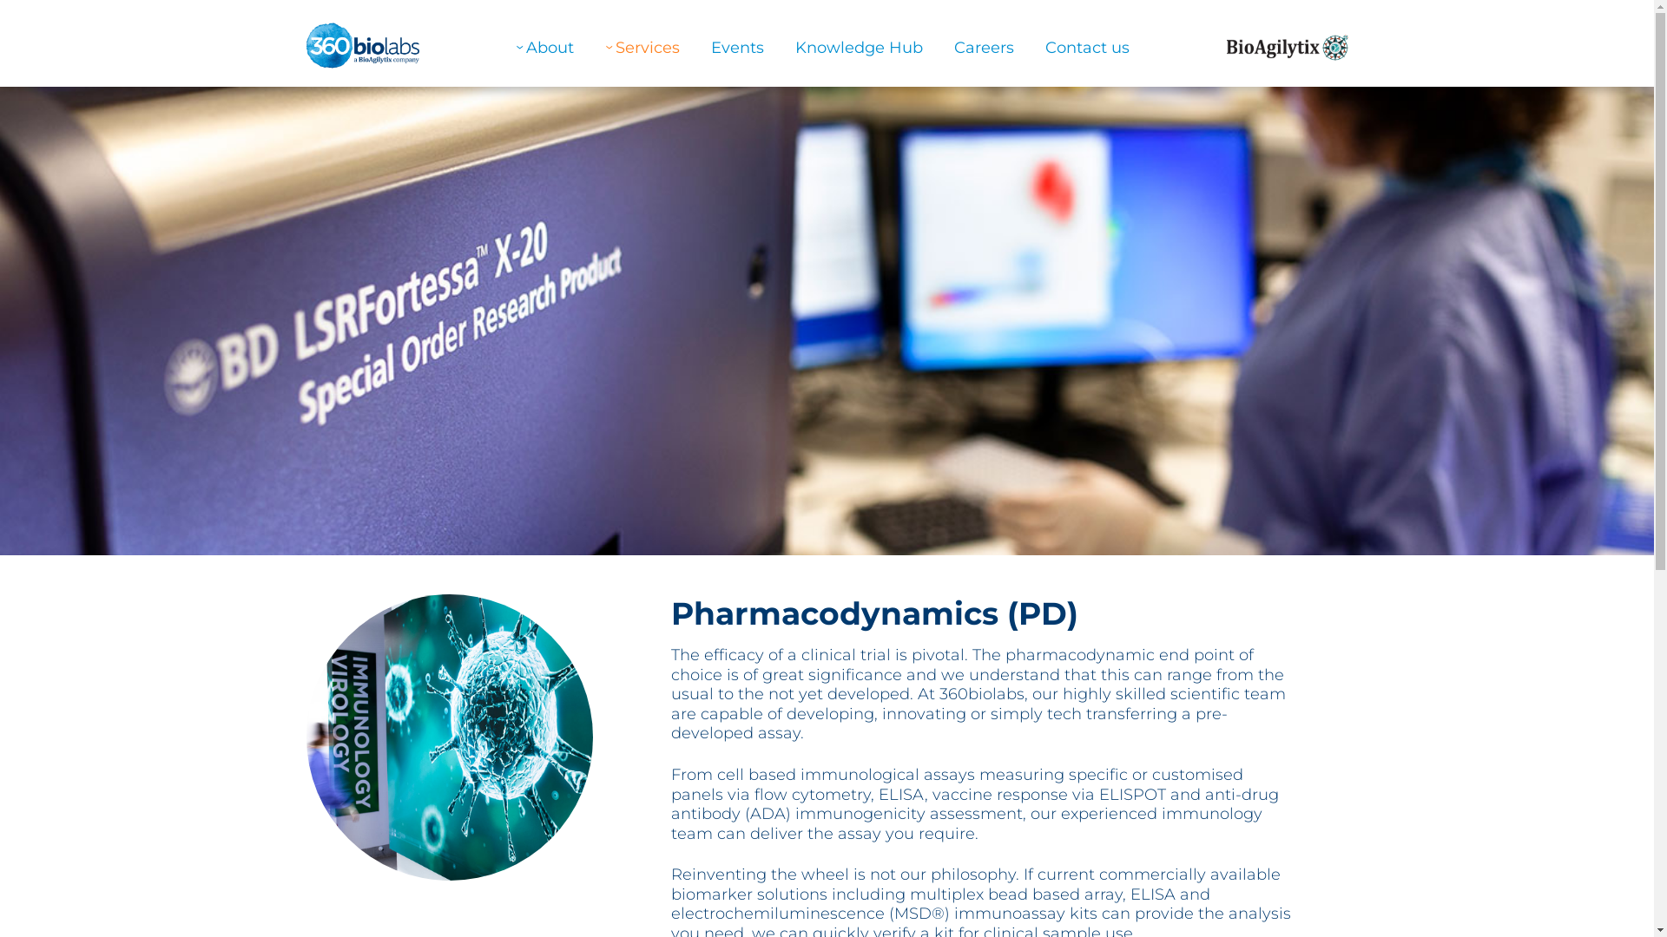 This screenshot has width=1667, height=937. What do you see at coordinates (641, 46) in the screenshot?
I see `'Services'` at bounding box center [641, 46].